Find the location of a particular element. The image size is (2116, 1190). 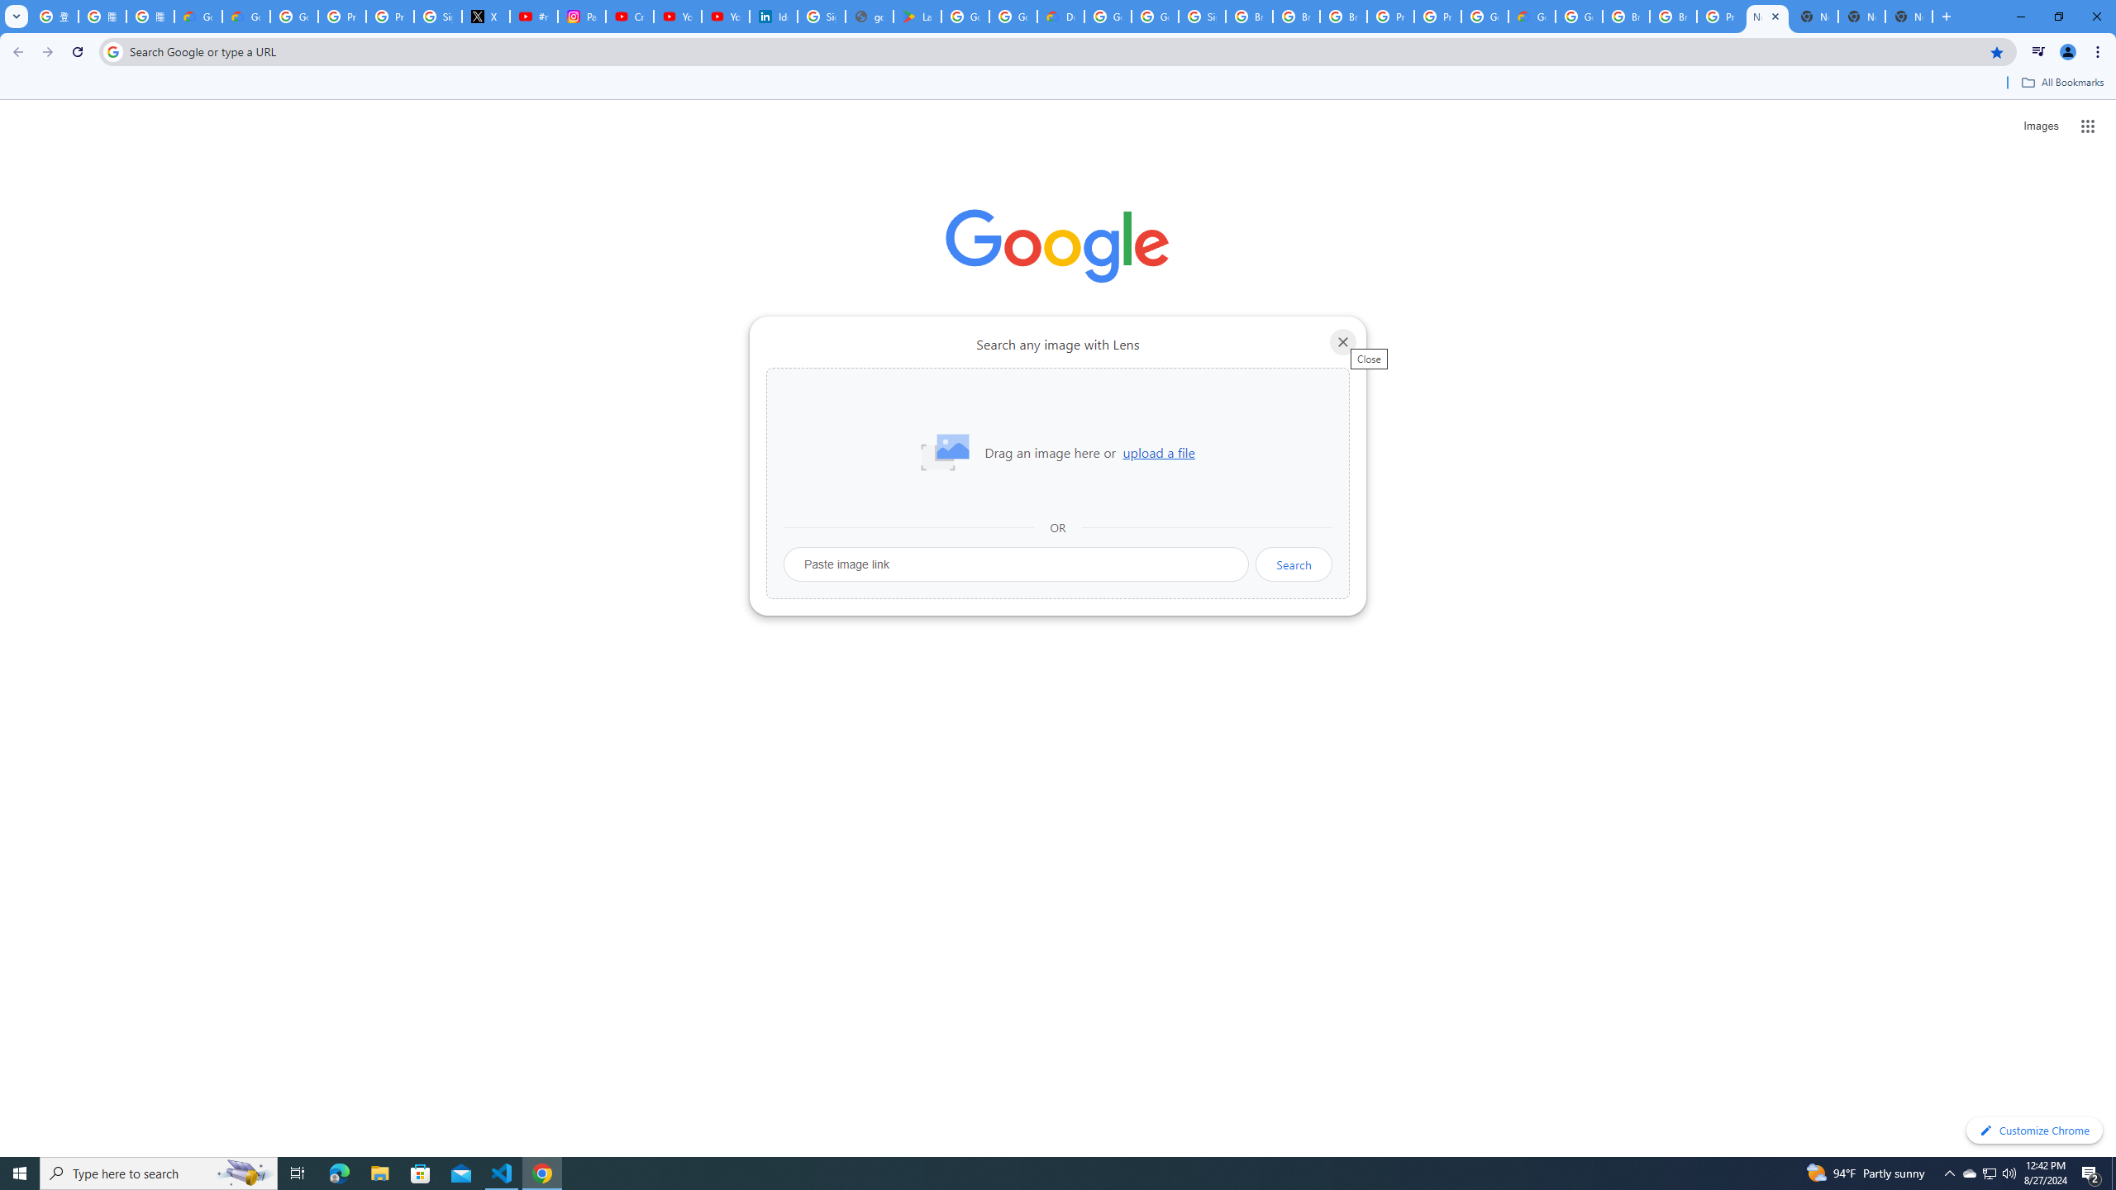

'Browse Chrome as a guest - Computer - Google Chrome Help' is located at coordinates (1671, 16).